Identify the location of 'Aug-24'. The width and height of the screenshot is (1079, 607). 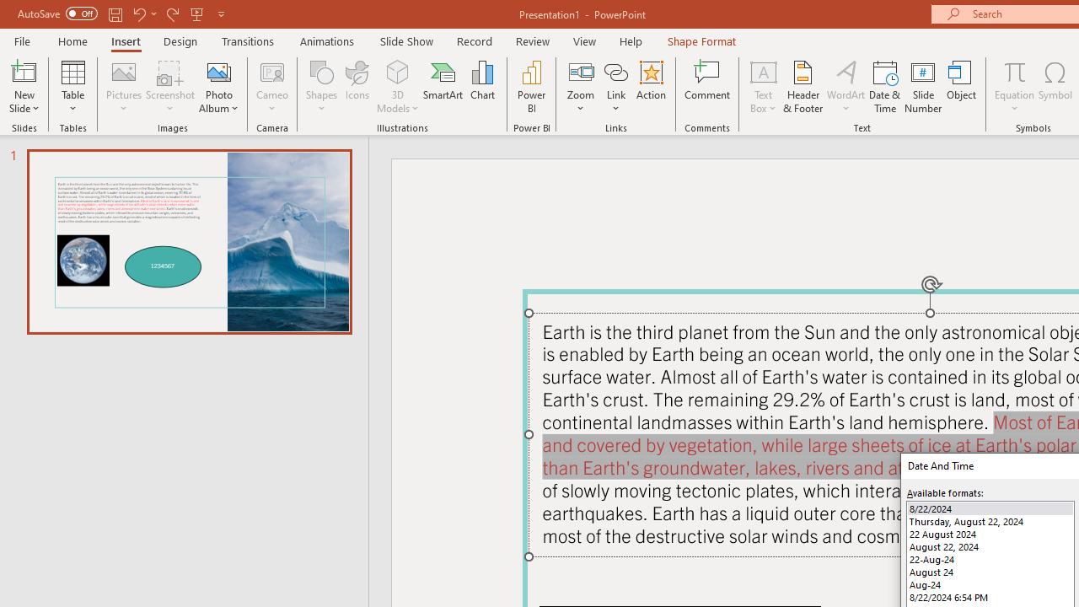
(990, 583).